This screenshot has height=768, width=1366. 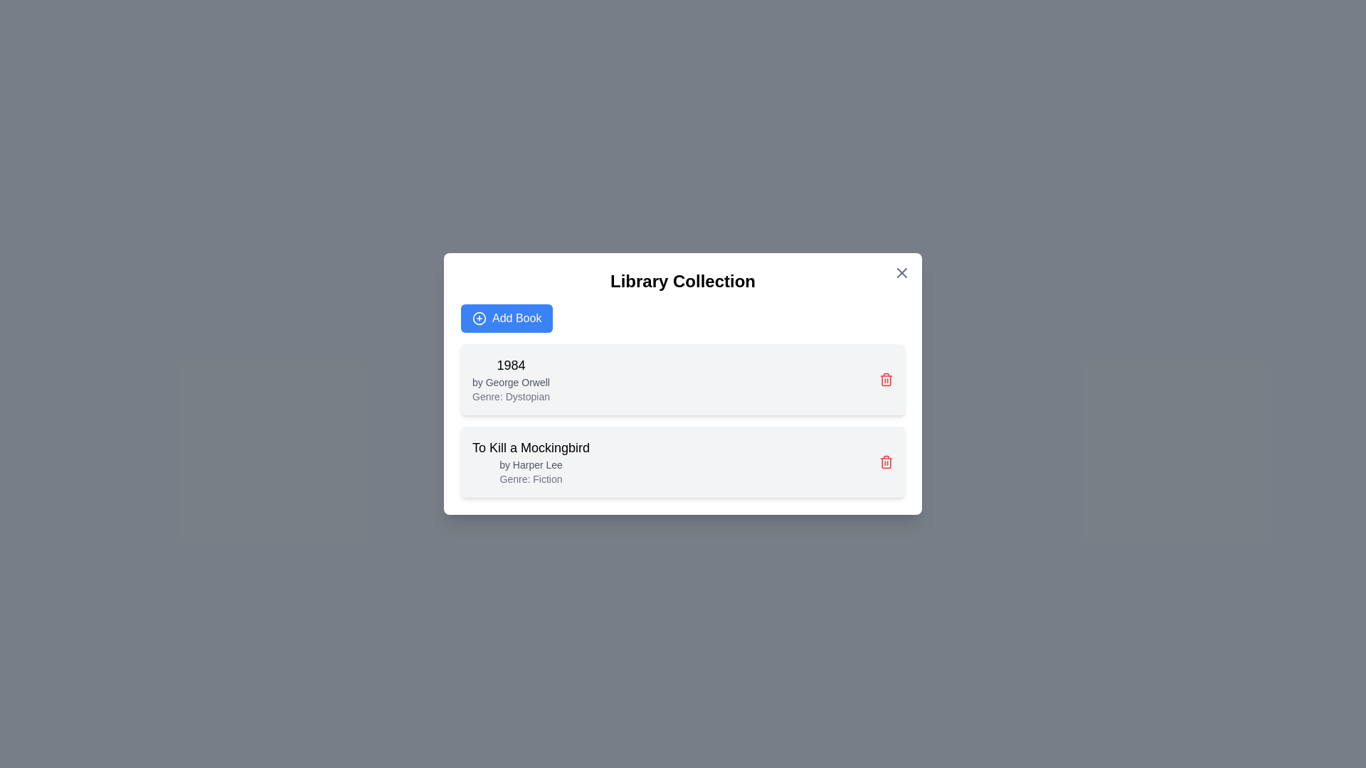 I want to click on the static text element displaying '1984', which is styled in a larger bold font and positioned at the top-left of its containing card, so click(x=511, y=364).